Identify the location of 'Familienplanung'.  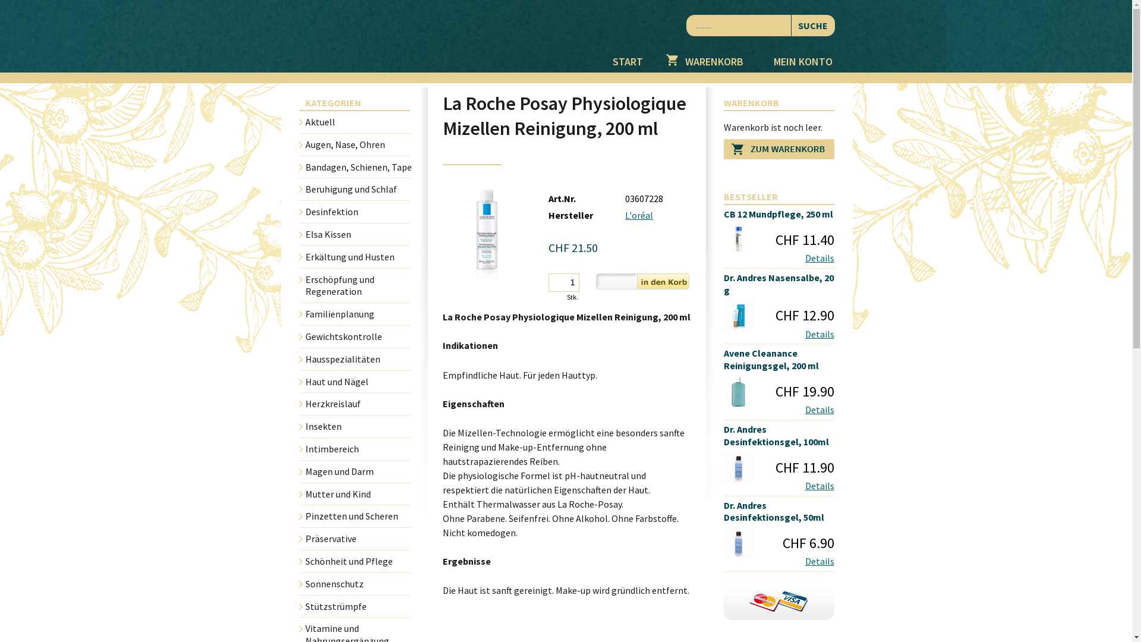
(357, 313).